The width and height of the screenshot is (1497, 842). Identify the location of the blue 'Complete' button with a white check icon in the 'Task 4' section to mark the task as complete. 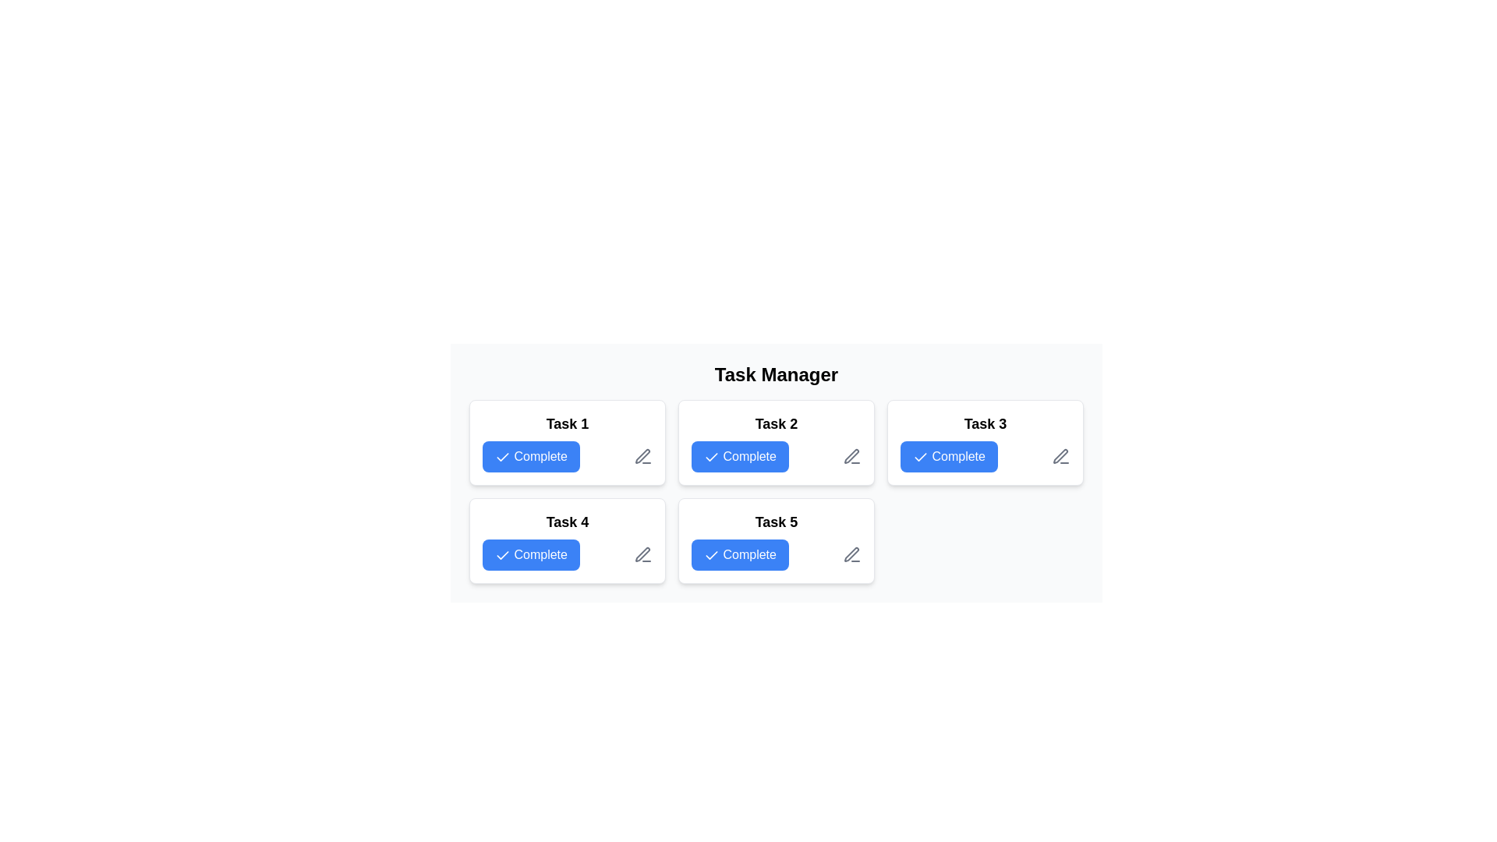
(567, 554).